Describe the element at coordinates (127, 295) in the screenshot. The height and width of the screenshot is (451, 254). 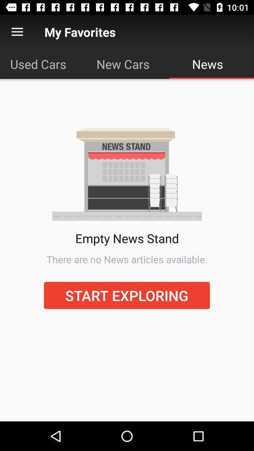
I see `the start exploring` at that location.